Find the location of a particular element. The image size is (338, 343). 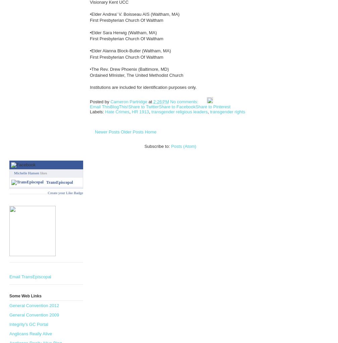

'transgender religious leaders' is located at coordinates (179, 112).